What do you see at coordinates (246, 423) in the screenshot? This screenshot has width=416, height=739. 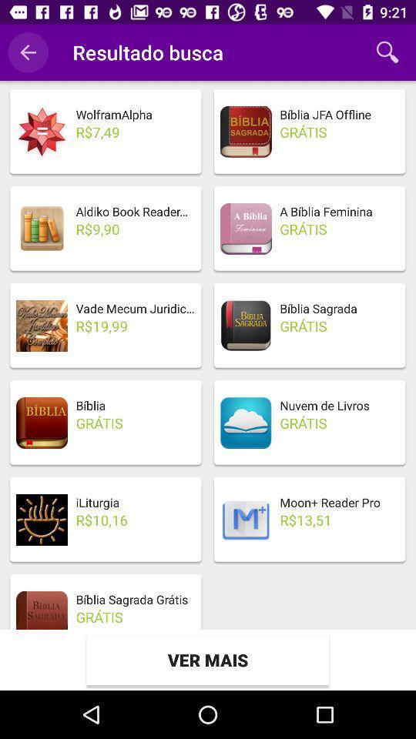 I see `the blue icon with a cloud` at bounding box center [246, 423].